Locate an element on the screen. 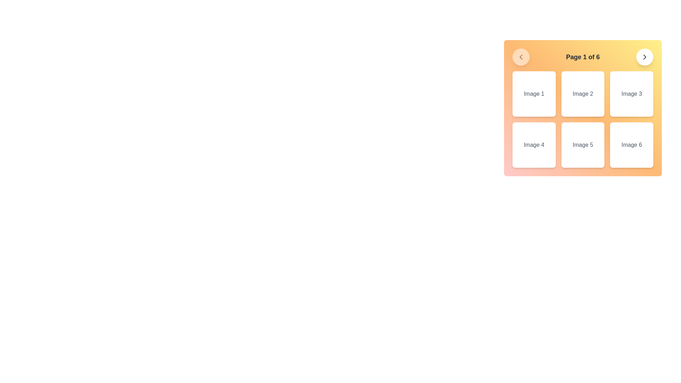  the Button-like tile located in the first row, second column of the grid layout, which is surrounded by 'Image 1' on the left and 'Image 3' on the right is located at coordinates (583, 94).